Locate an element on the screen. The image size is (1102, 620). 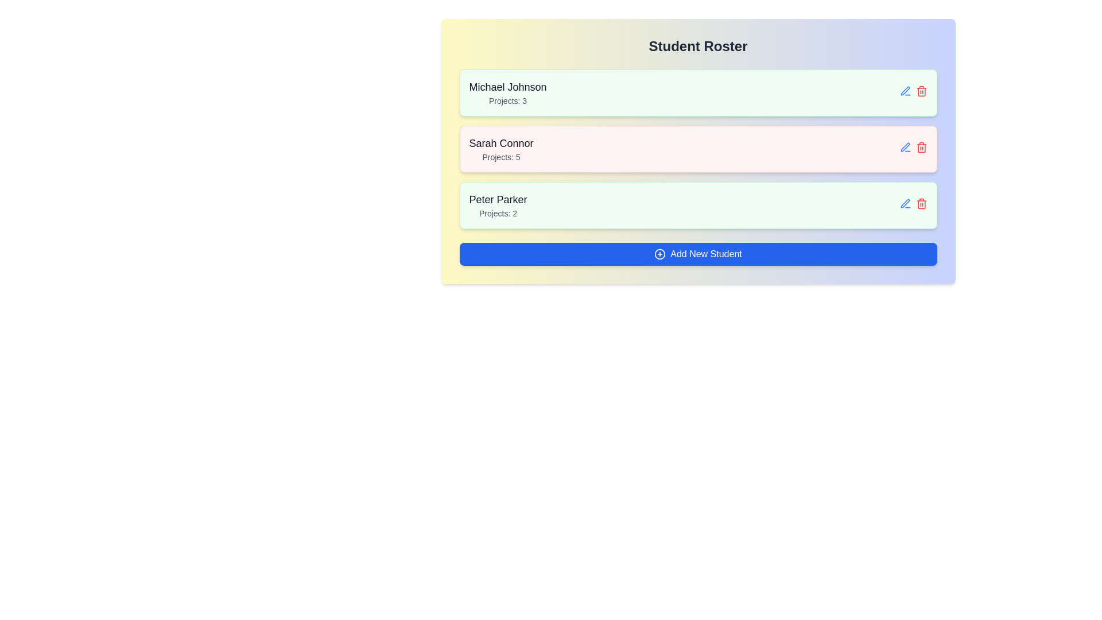
the delete button for the student named Sarah Connor is located at coordinates (921, 146).